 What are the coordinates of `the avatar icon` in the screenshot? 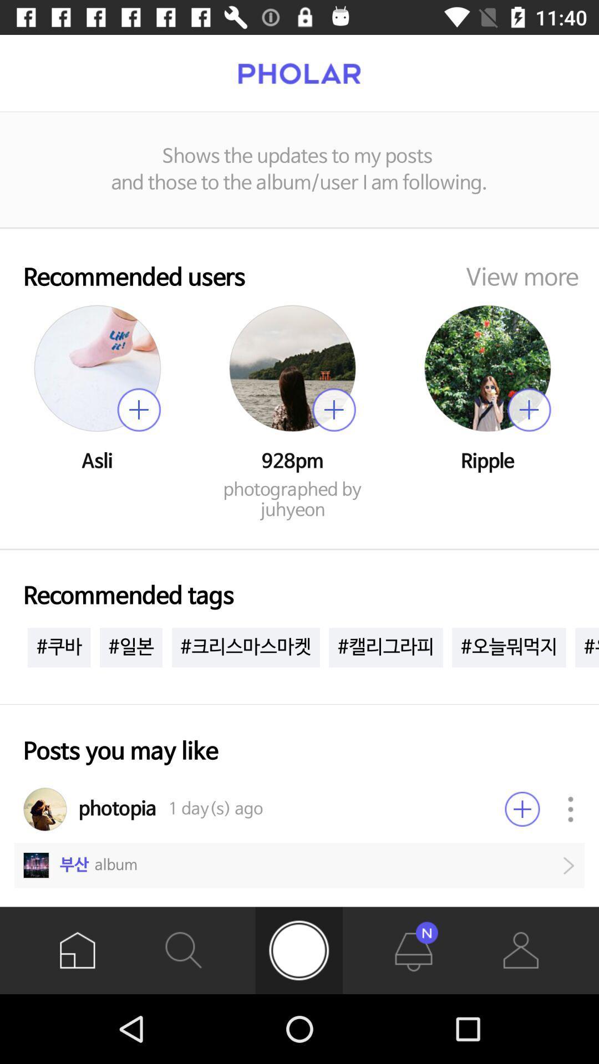 It's located at (298, 950).